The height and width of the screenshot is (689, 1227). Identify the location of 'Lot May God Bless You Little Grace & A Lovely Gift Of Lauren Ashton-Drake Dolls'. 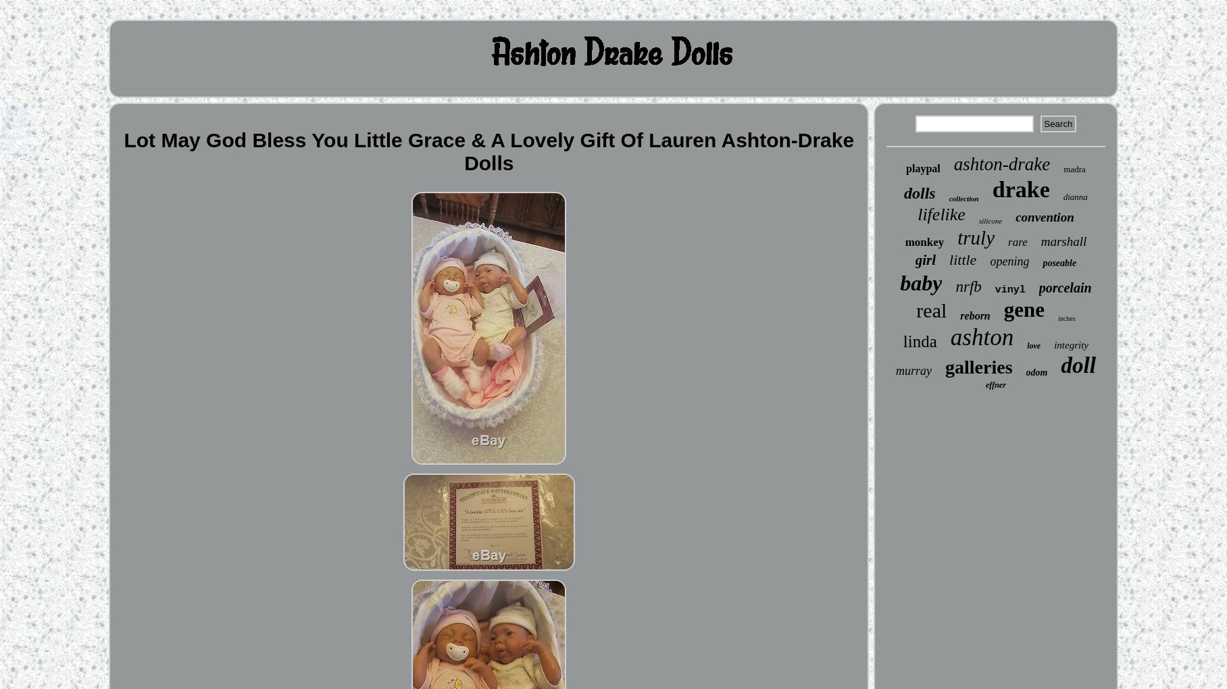
(124, 151).